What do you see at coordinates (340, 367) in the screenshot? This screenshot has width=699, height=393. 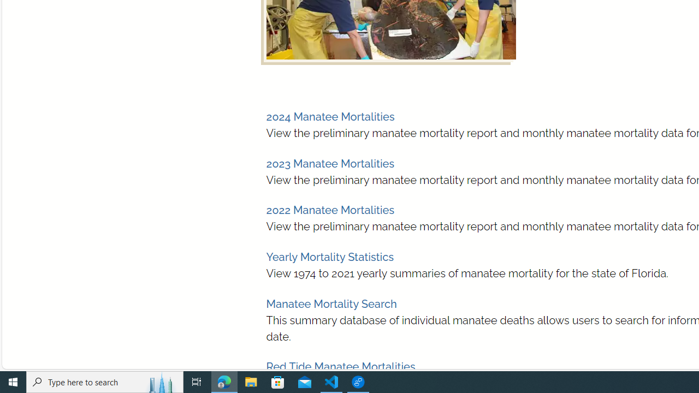 I see `'Red Tide Manatee Mortalities'` at bounding box center [340, 367].